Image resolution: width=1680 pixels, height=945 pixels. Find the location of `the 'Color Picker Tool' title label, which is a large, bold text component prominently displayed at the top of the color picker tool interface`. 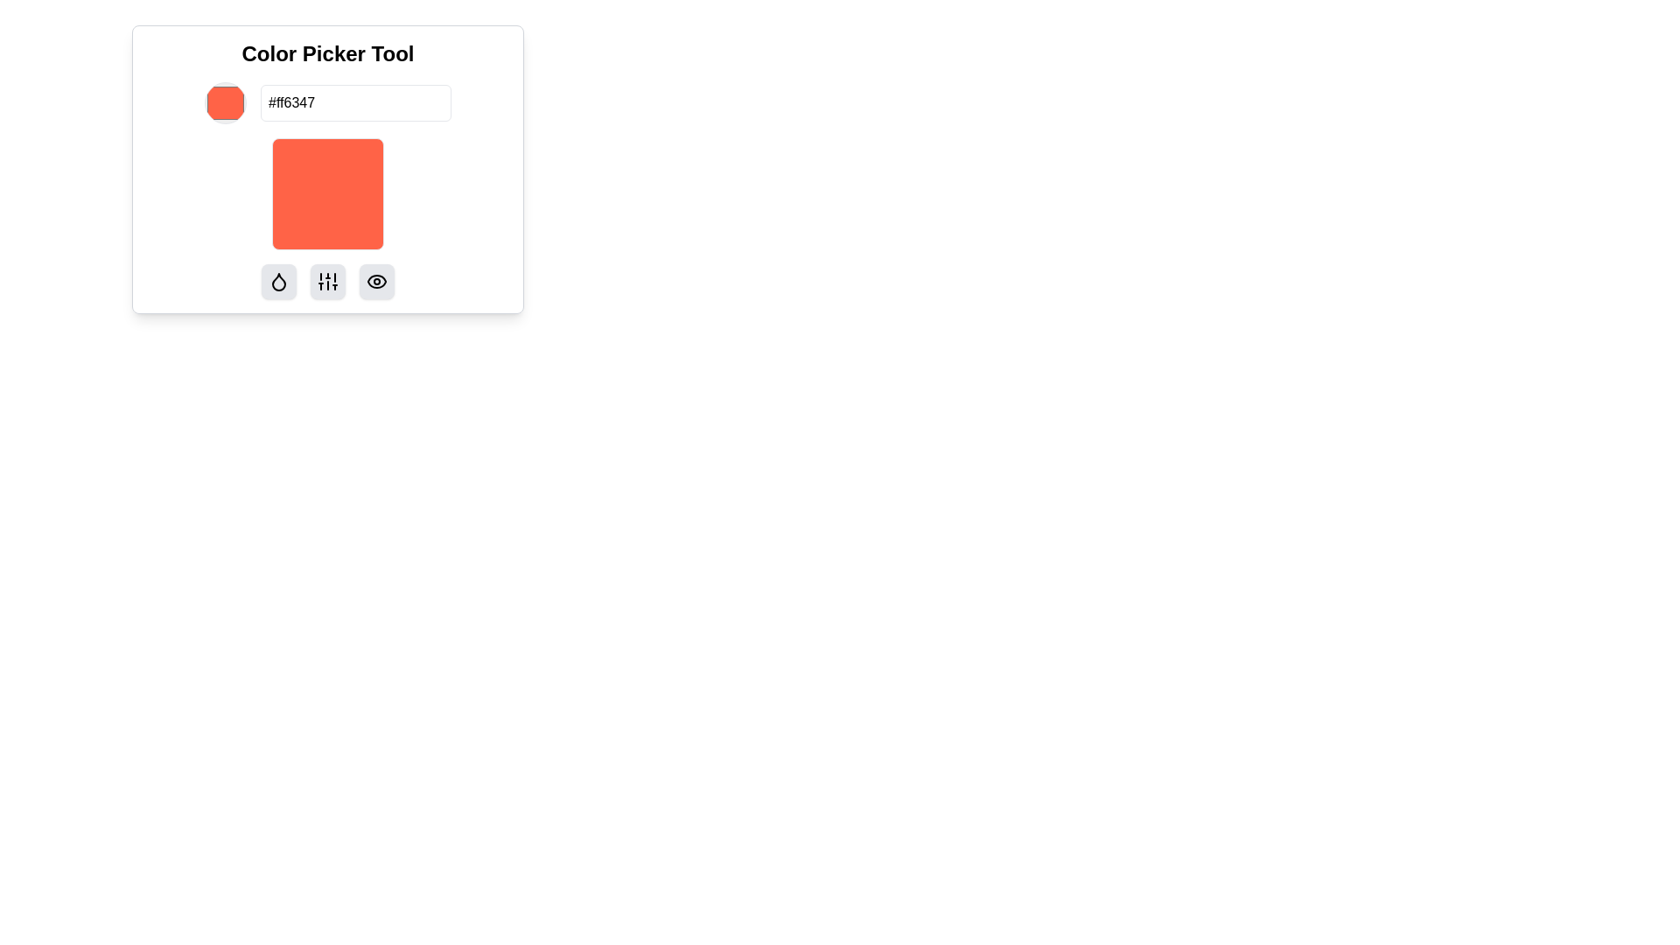

the 'Color Picker Tool' title label, which is a large, bold text component prominently displayed at the top of the color picker tool interface is located at coordinates (327, 52).